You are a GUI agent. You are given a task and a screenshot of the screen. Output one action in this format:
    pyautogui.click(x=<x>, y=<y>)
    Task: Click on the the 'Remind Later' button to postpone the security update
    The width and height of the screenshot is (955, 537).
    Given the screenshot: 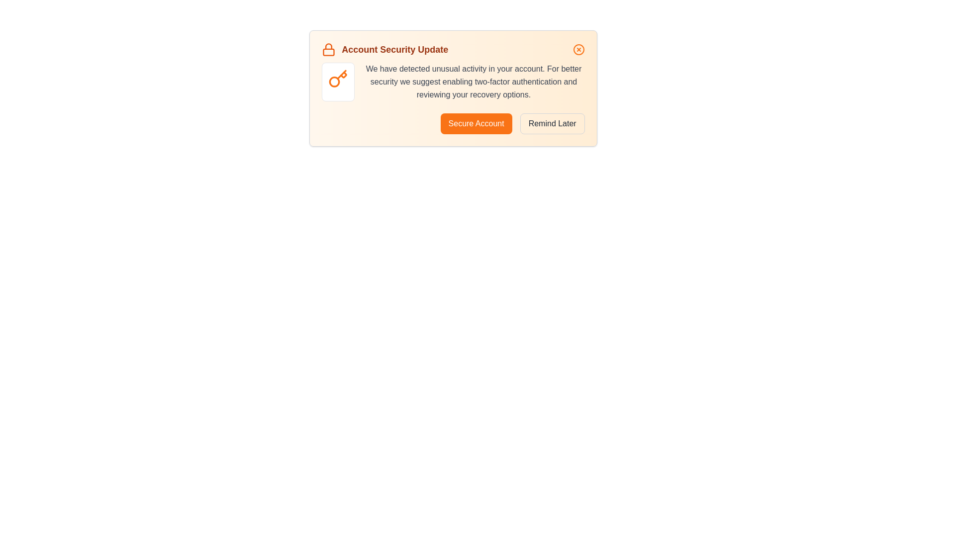 What is the action you would take?
    pyautogui.click(x=552, y=123)
    